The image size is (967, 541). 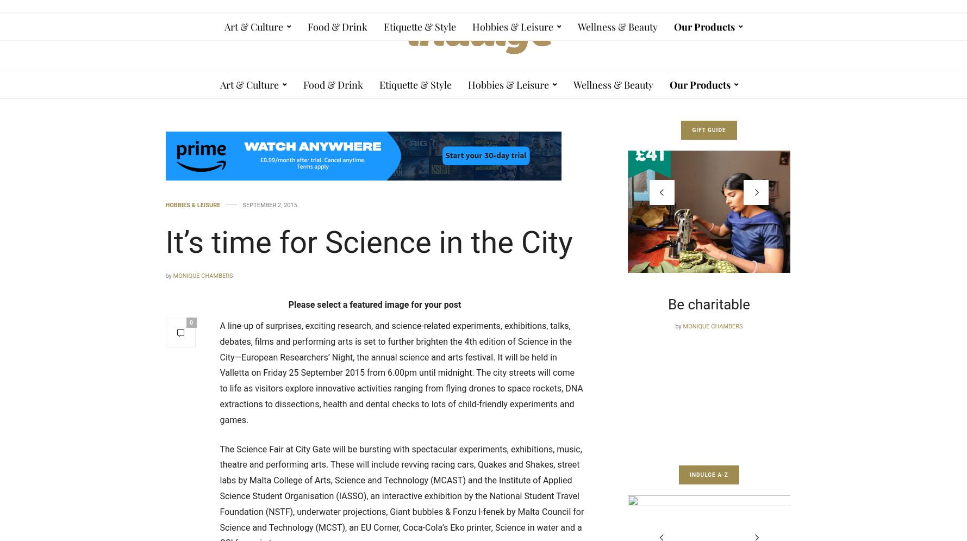 What do you see at coordinates (580, 304) in the screenshot?
I see `'Be charitable'` at bounding box center [580, 304].